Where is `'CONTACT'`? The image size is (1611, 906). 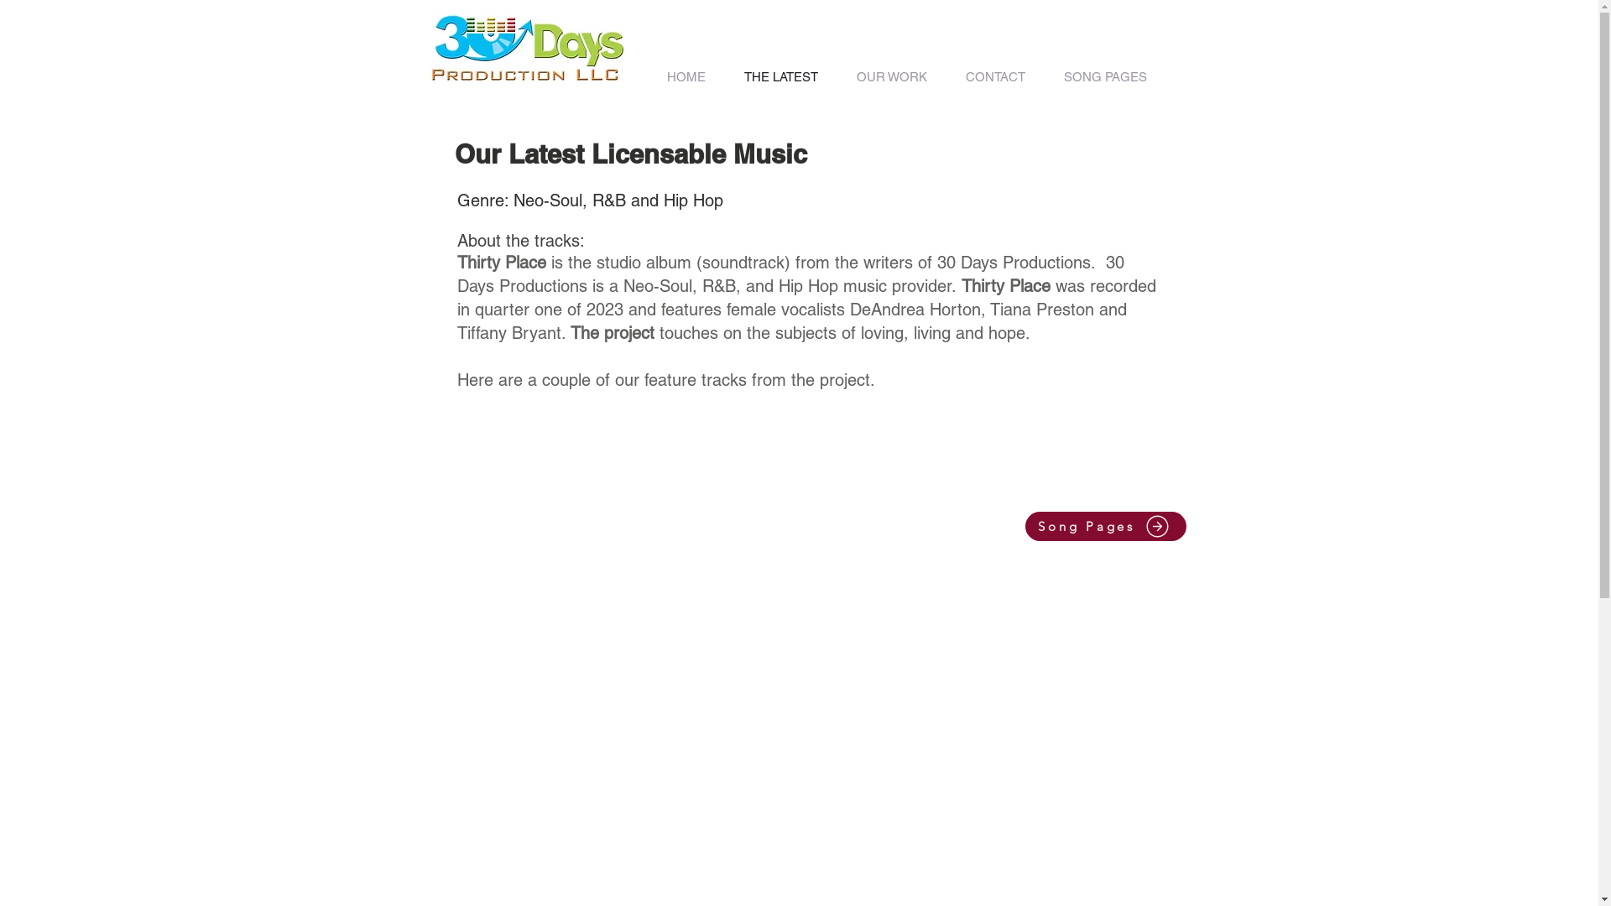
'CONTACT' is located at coordinates (995, 76).